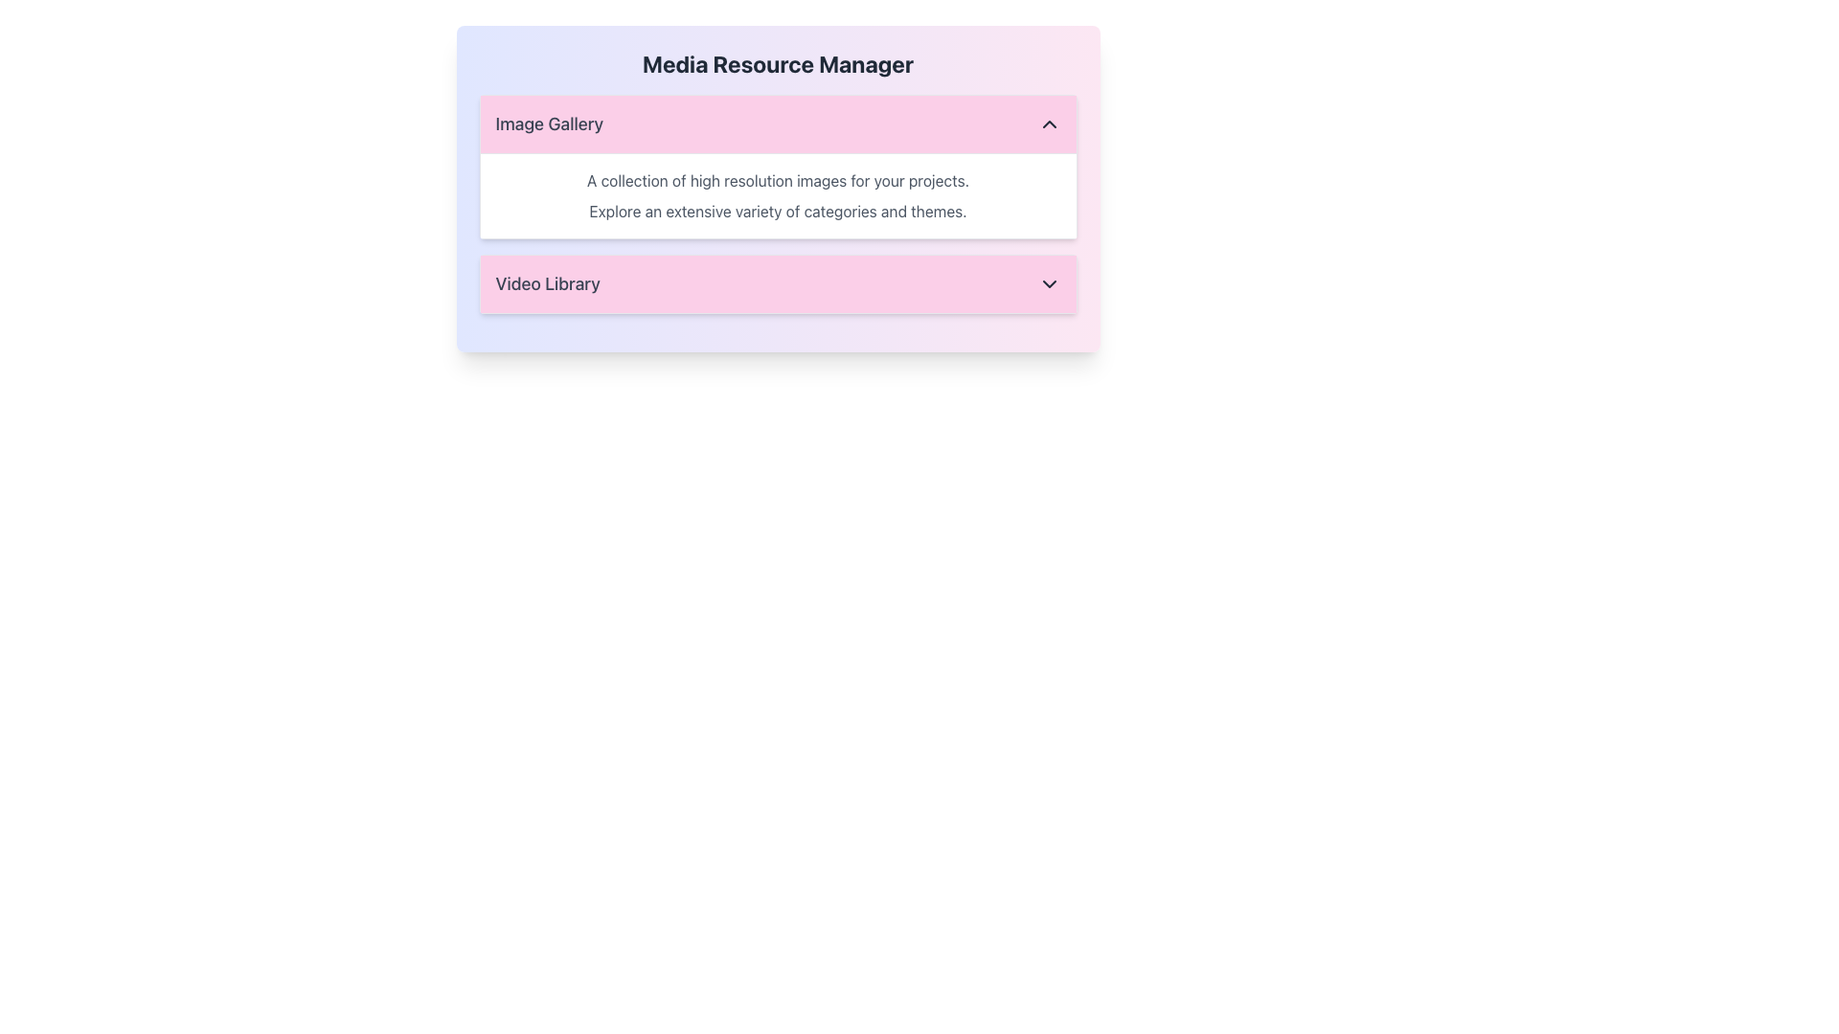 Image resolution: width=1839 pixels, height=1034 pixels. Describe the element at coordinates (548, 124) in the screenshot. I see `on the text label displaying 'Image Gallery' which is styled with a medium-sized font in gray color on a pink background, located at the upper part of the interface` at that location.